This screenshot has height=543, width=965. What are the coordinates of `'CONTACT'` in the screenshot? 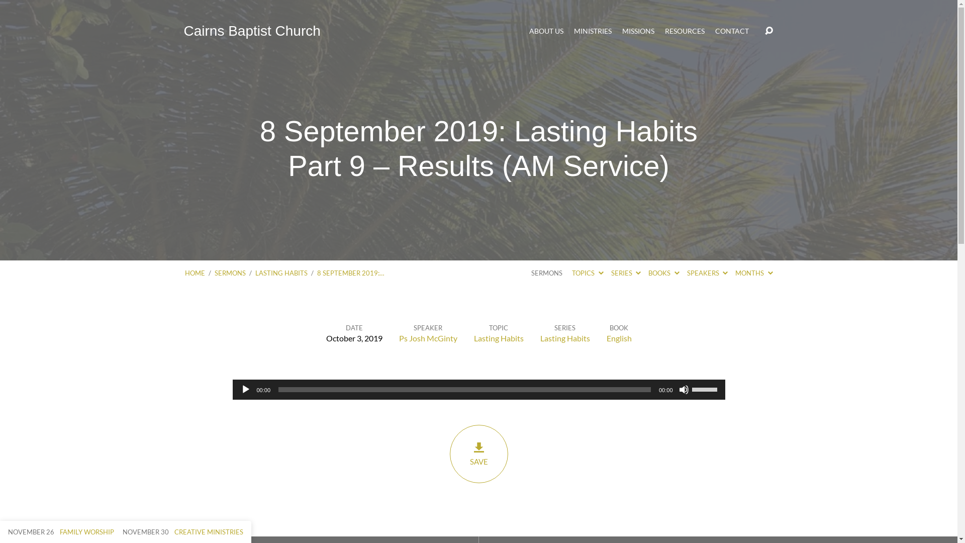 It's located at (732, 30).